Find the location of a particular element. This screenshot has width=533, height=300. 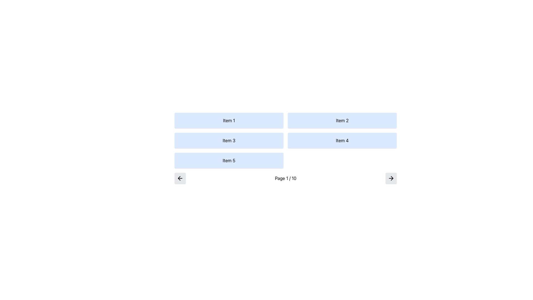

the text box styled as a card displaying 'Item 3', located in the second row, first column of a grid layout is located at coordinates (229, 140).